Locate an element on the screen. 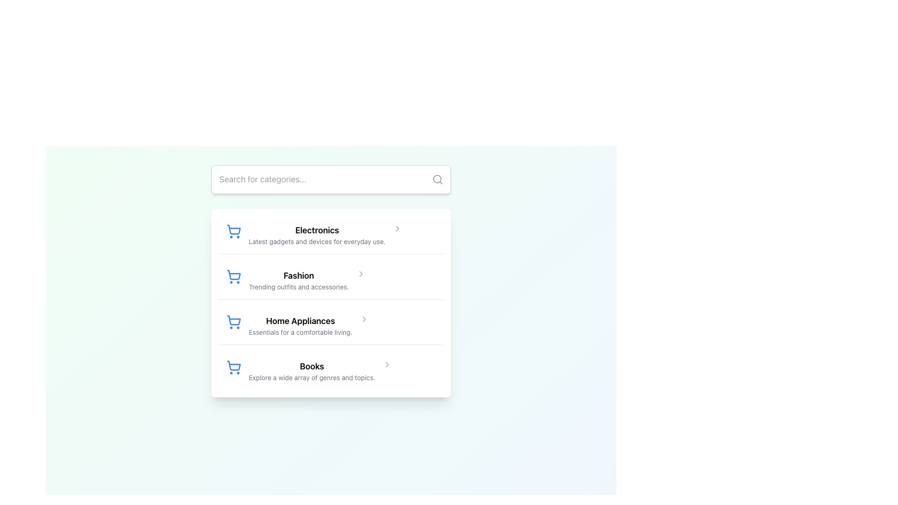 The width and height of the screenshot is (898, 505). the text element displaying 'Latest gadgets and devices for everyday use' located beneath the 'Electronics' header is located at coordinates (317, 241).